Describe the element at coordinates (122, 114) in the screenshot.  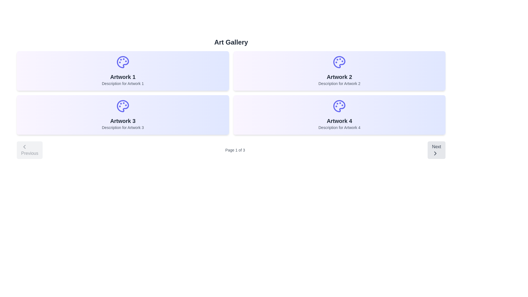
I see `the visual card that presents an artwork, located` at that location.